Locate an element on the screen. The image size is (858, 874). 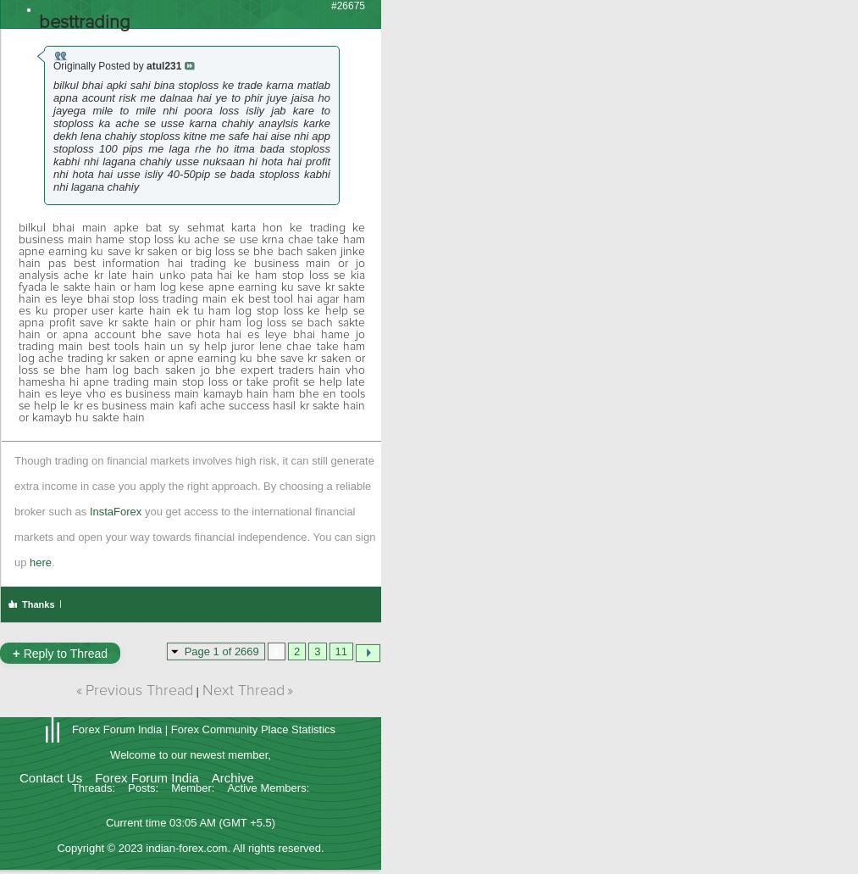
'Copyright © 2023 indian-forex.com. All rights reserved.' is located at coordinates (189, 846).